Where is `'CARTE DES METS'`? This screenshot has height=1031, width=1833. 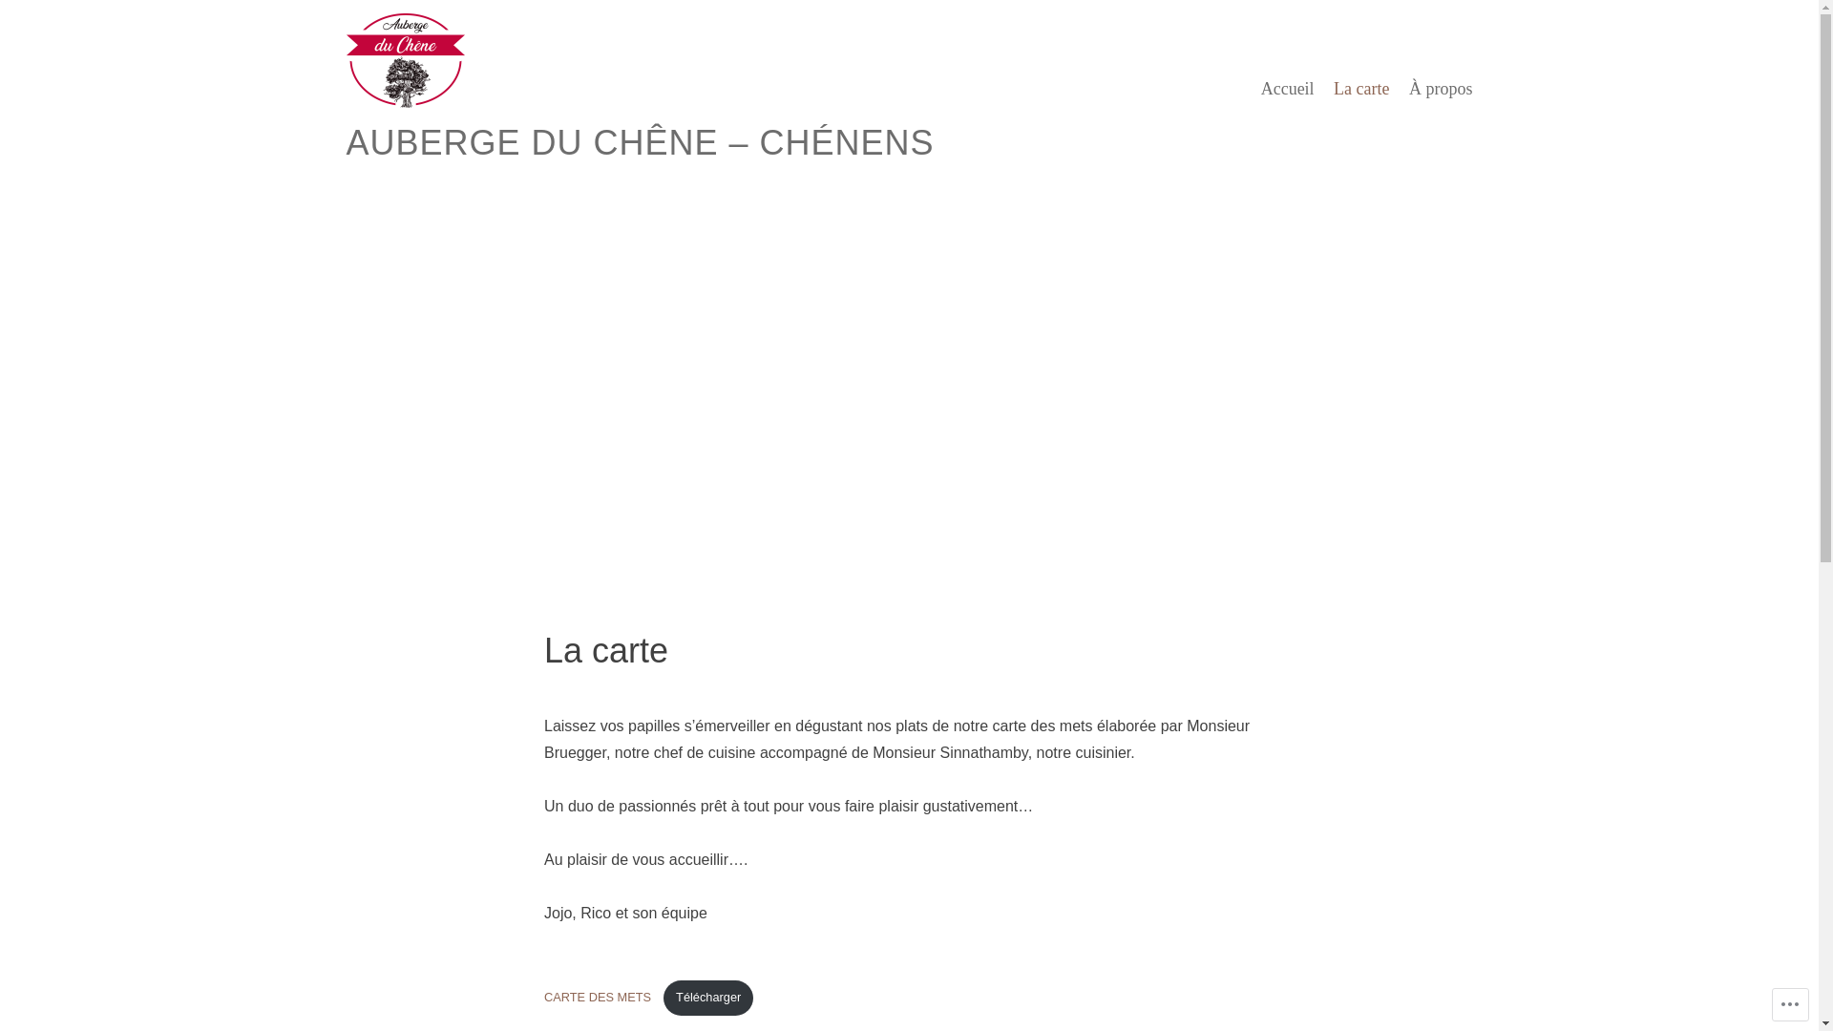 'CARTE DES METS' is located at coordinates (543, 997).